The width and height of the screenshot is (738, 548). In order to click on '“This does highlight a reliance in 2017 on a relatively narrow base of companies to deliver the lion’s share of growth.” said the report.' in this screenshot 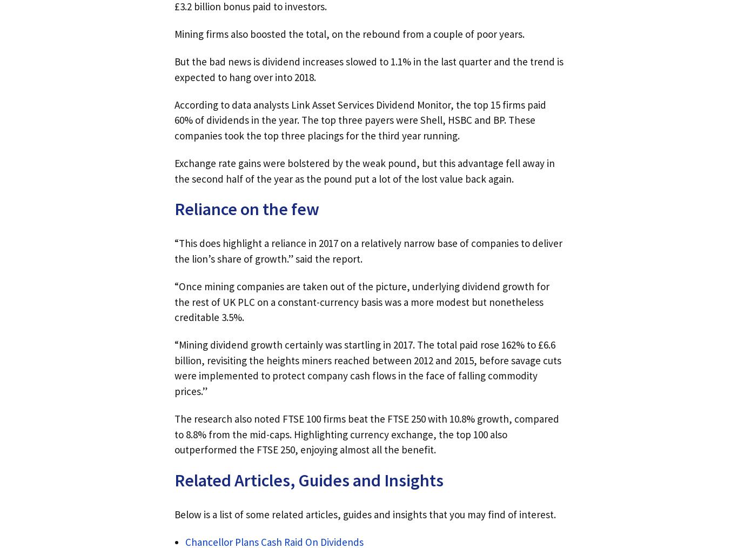, I will do `click(175, 251)`.